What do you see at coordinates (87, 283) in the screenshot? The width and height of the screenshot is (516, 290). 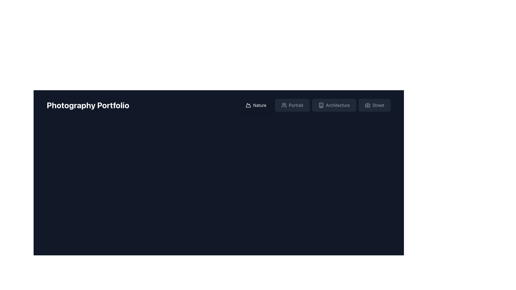 I see `the circular geometric feature in the SVG component` at bounding box center [87, 283].